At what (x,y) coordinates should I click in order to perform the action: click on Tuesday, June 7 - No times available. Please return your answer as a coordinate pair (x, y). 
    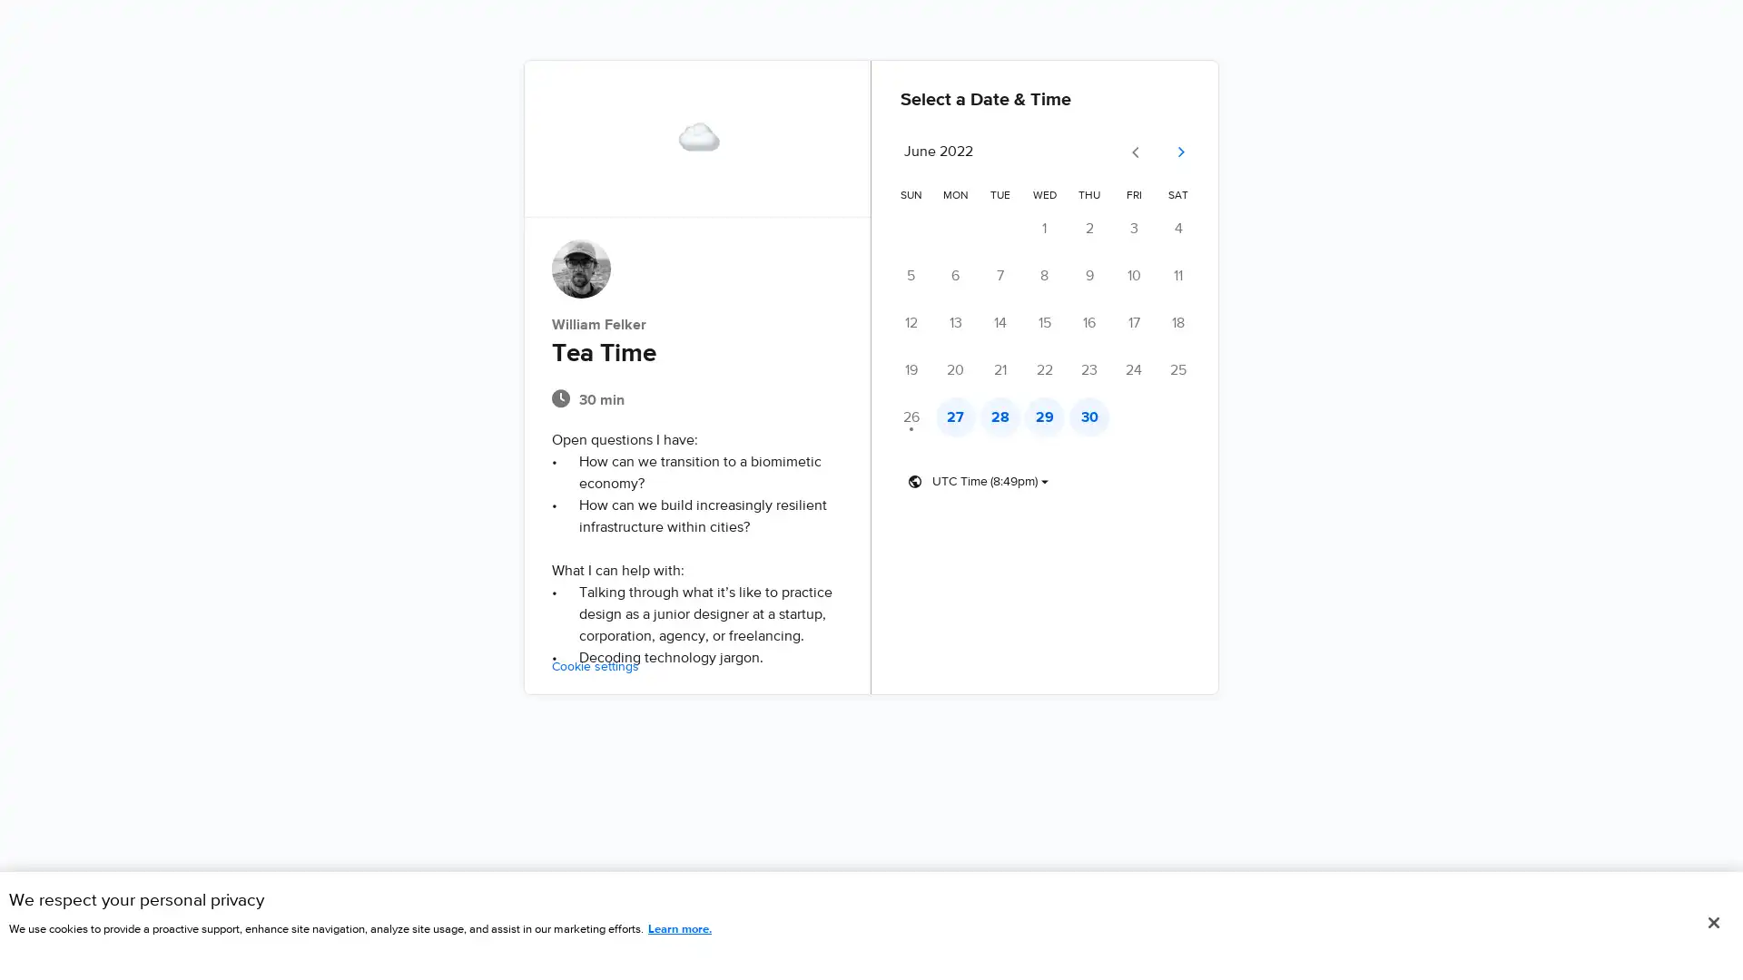
    Looking at the image, I should click on (1004, 276).